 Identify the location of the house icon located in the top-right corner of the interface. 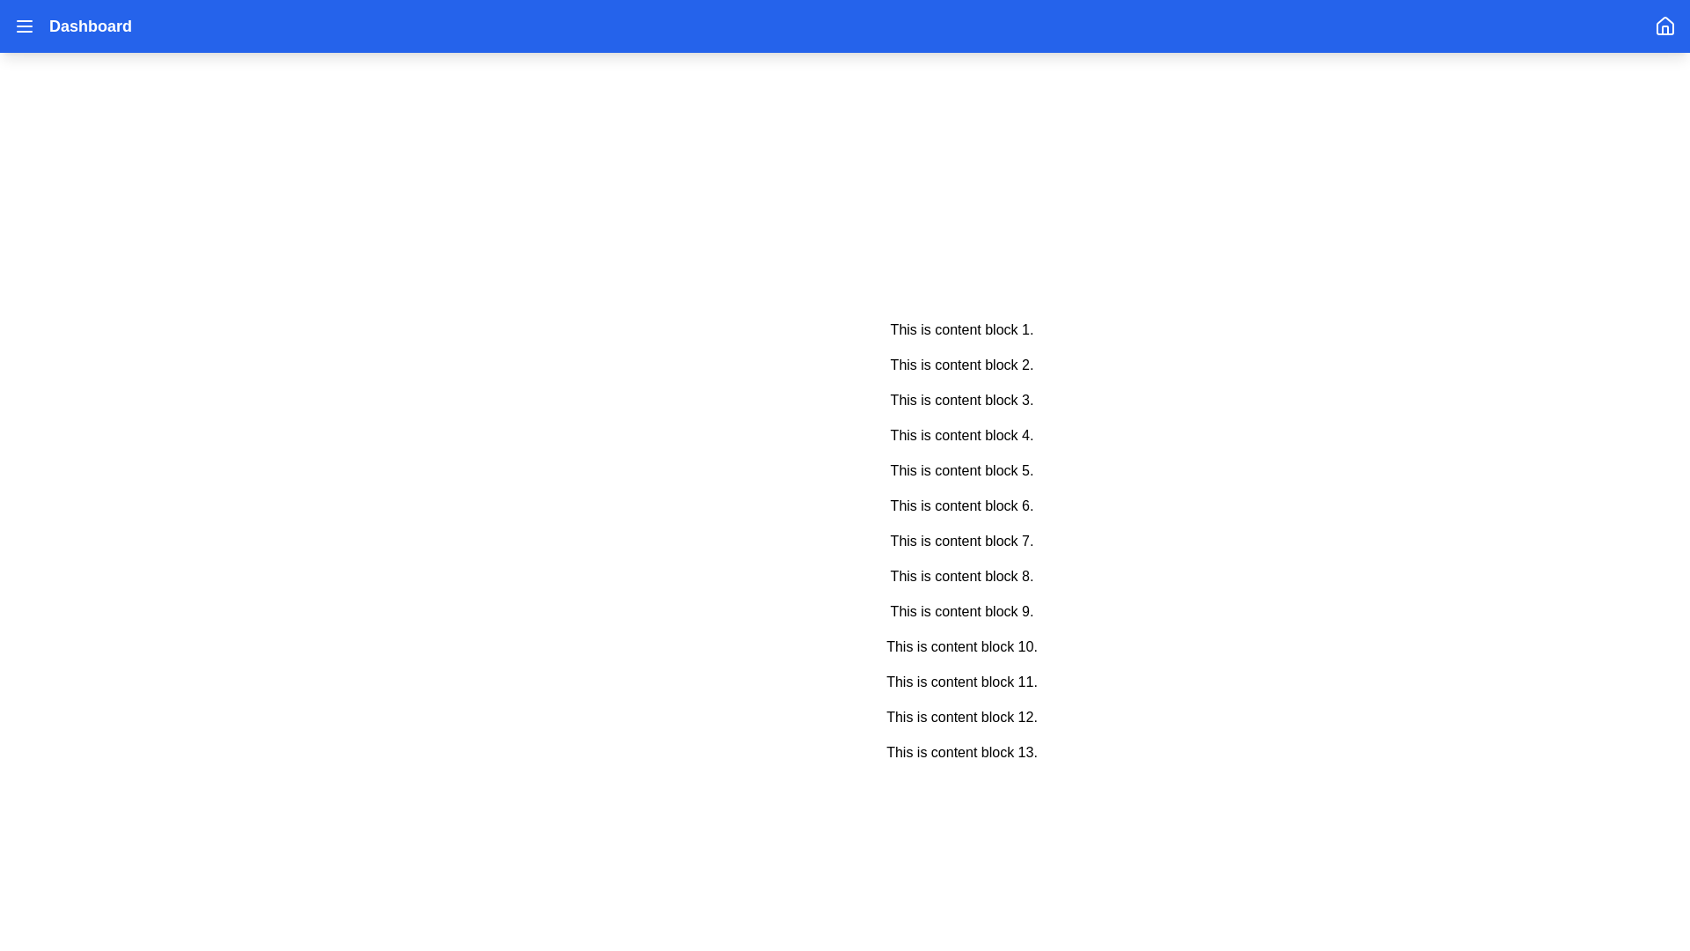
(1664, 26).